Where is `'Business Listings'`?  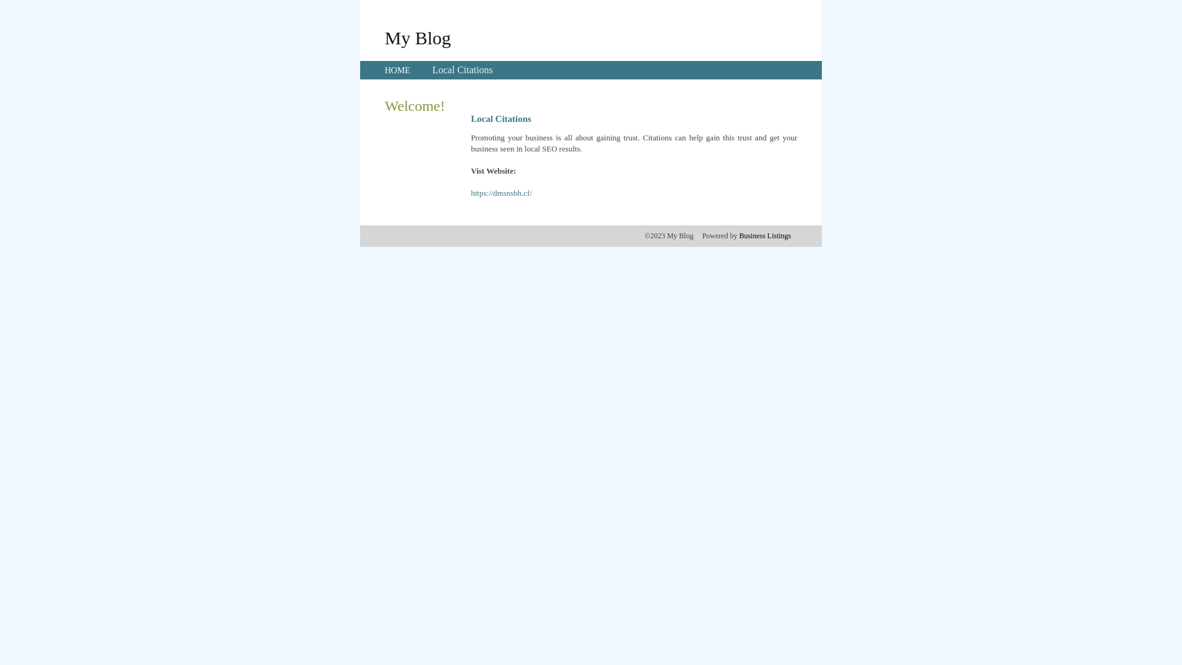
'Business Listings' is located at coordinates (765, 235).